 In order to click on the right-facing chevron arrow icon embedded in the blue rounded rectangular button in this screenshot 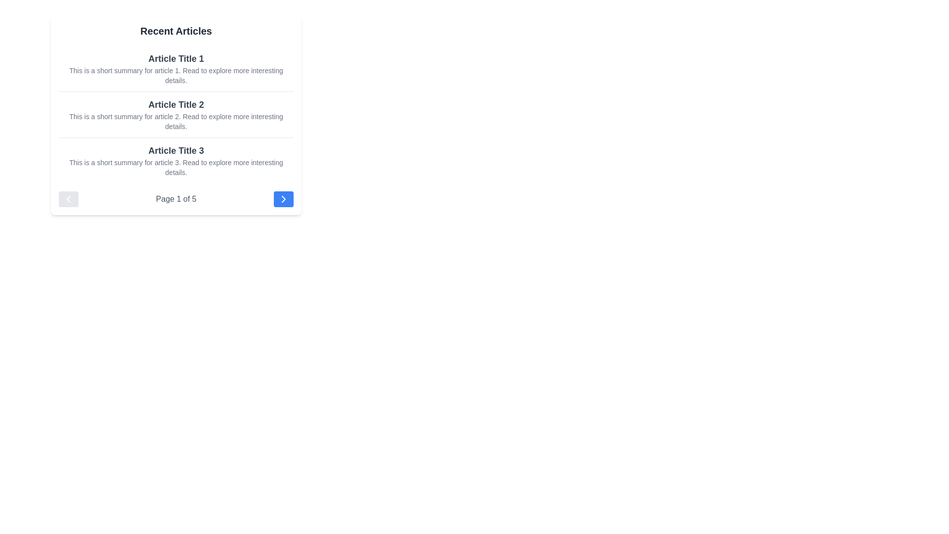, I will do `click(283, 199)`.